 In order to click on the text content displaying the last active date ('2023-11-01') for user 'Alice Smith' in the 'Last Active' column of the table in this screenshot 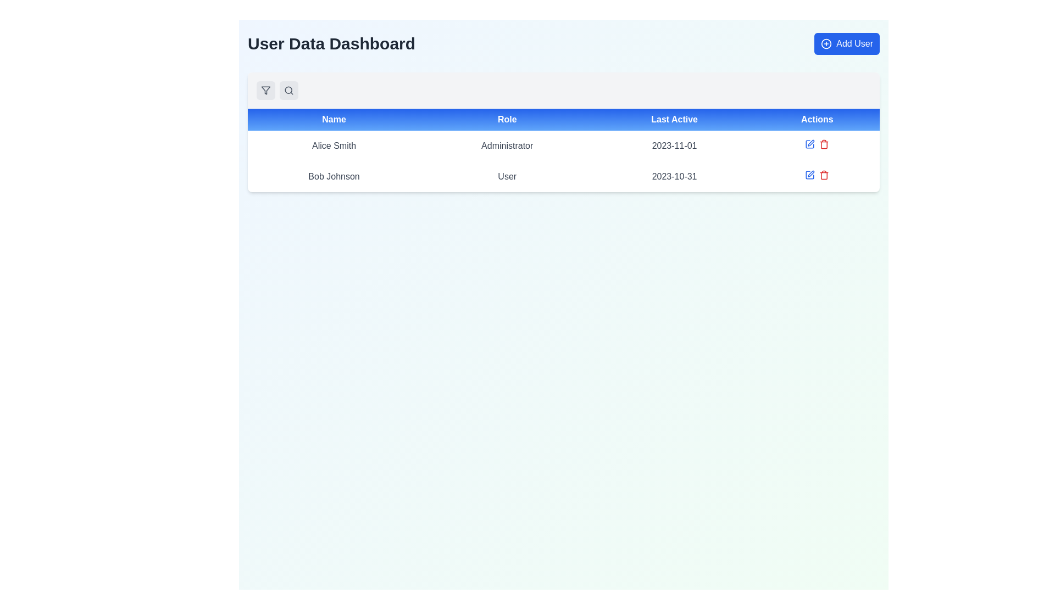, I will do `click(674, 146)`.